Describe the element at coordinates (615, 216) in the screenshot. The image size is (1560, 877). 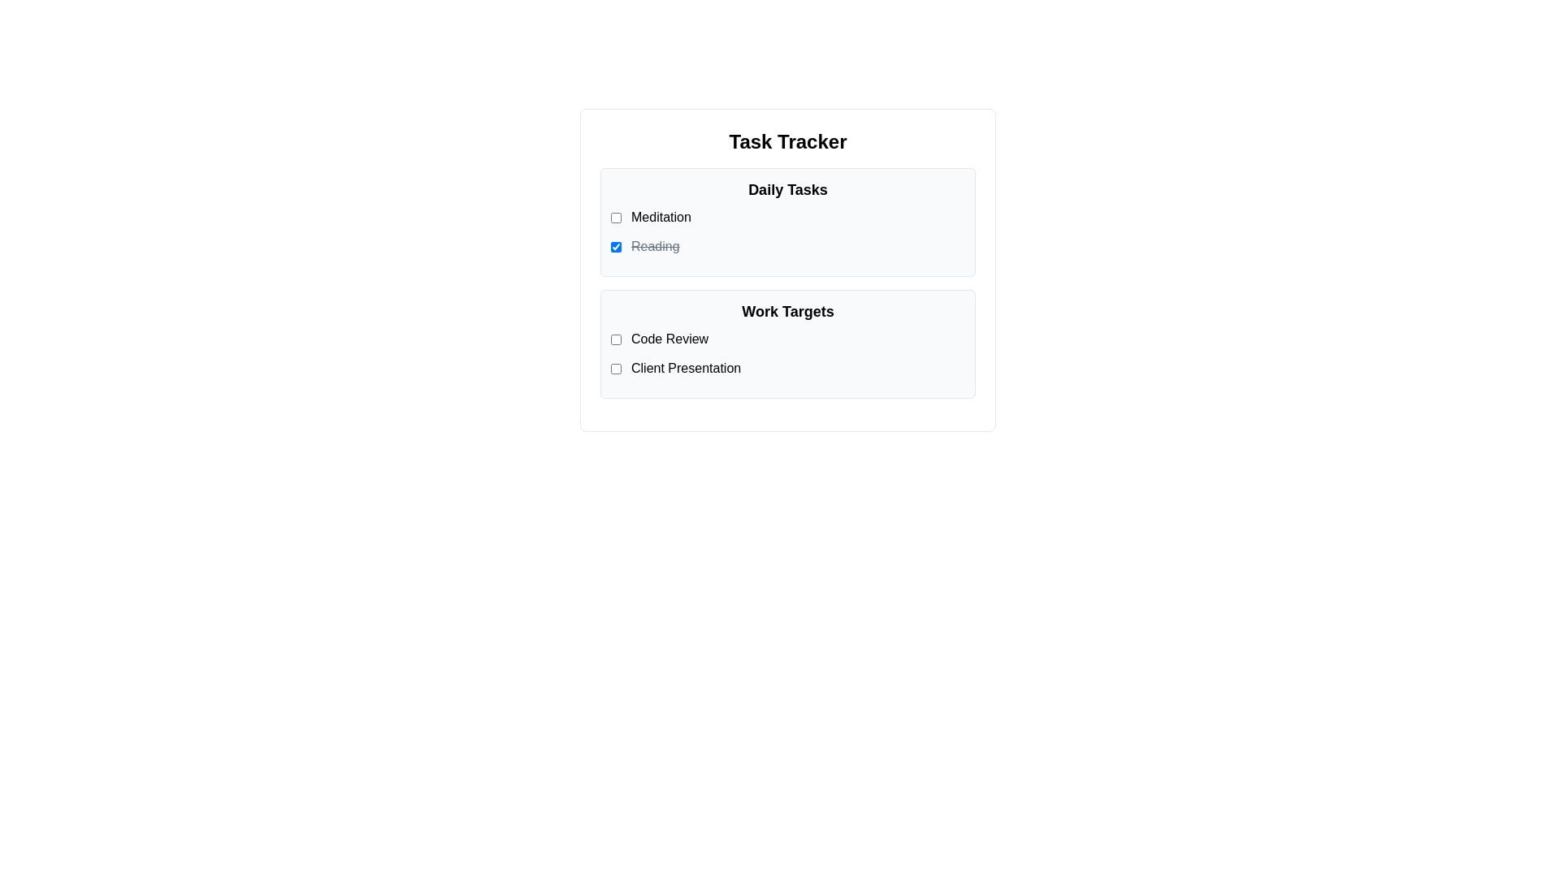
I see `the checkbox for 'Meditation' located` at that location.